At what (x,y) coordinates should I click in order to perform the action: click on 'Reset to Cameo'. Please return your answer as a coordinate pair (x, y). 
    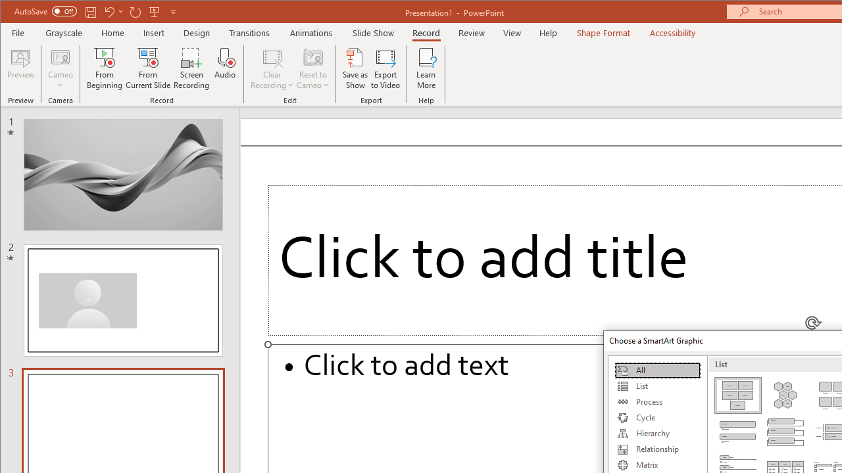
    Looking at the image, I should click on (312, 68).